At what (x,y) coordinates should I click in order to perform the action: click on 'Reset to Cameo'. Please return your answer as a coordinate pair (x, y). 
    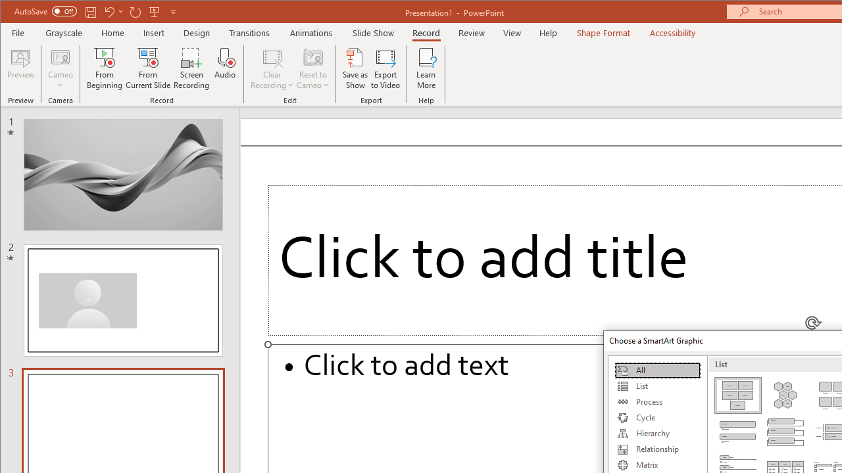
    Looking at the image, I should click on (312, 68).